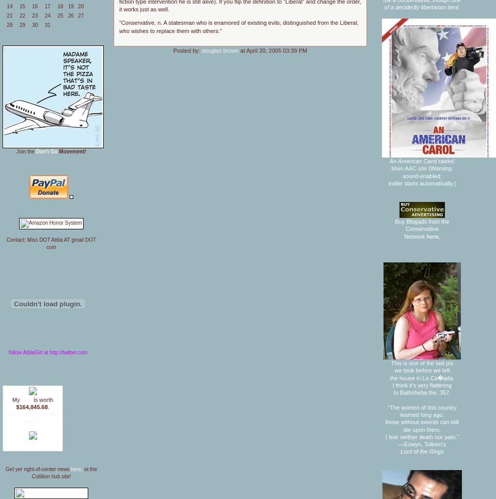 Image resolution: width=496 pixels, height=499 pixels. Describe the element at coordinates (44, 6) in the screenshot. I see `'17'` at that location.